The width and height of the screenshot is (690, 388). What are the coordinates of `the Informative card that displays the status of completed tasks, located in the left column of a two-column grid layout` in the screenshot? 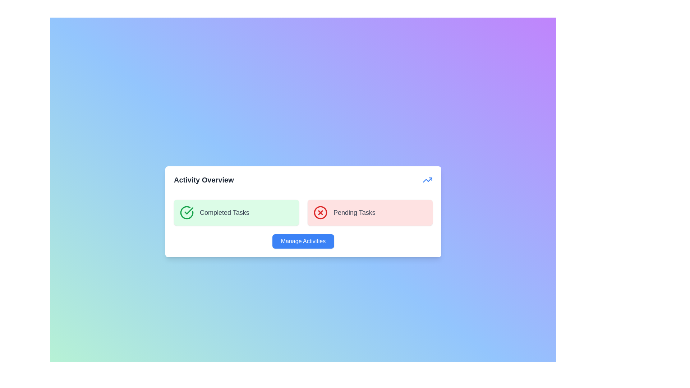 It's located at (236, 212).